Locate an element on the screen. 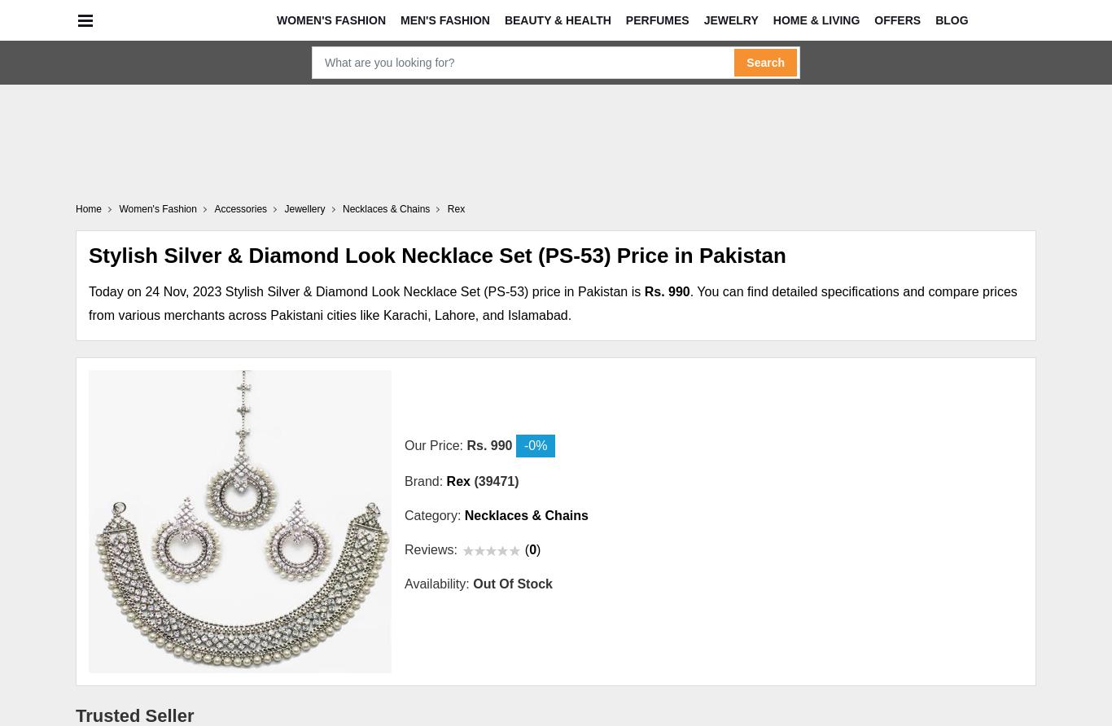 This screenshot has height=726, width=1112. 'Trusted Seller' is located at coordinates (134, 714).